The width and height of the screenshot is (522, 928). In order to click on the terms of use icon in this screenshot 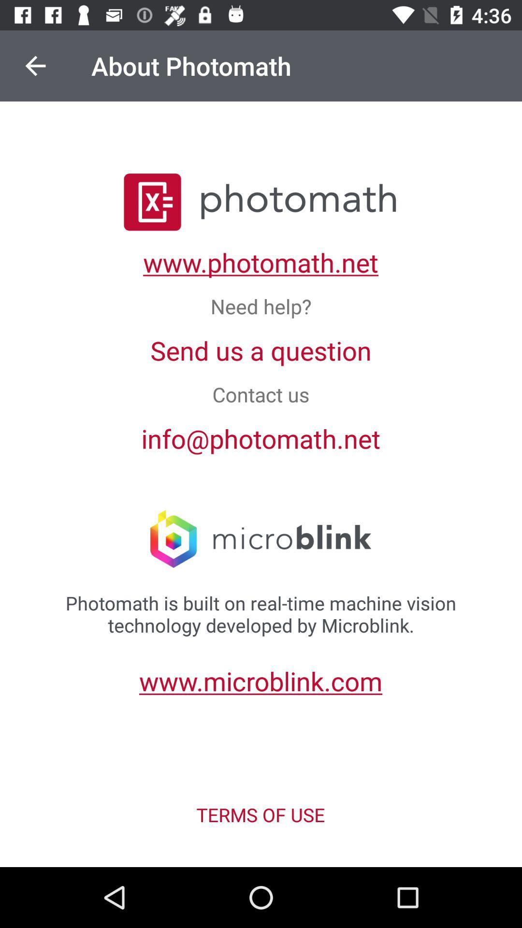, I will do `click(260, 814)`.